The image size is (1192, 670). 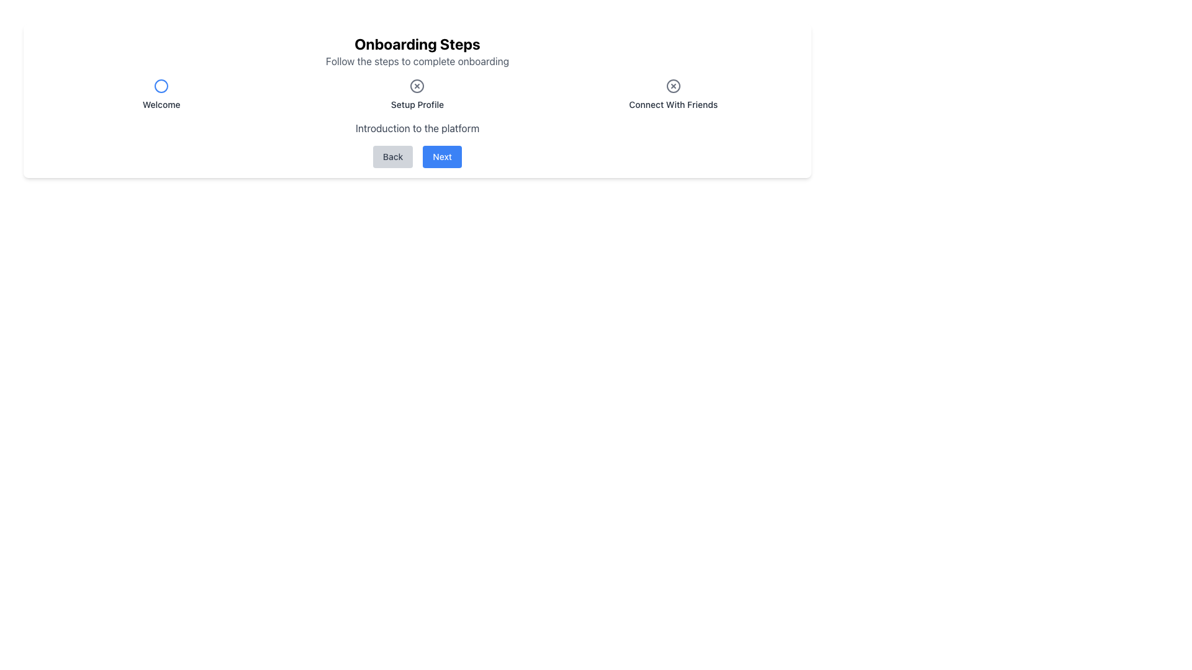 What do you see at coordinates (442, 156) in the screenshot?
I see `the rectangular 'Next' button with a blue background and white text` at bounding box center [442, 156].